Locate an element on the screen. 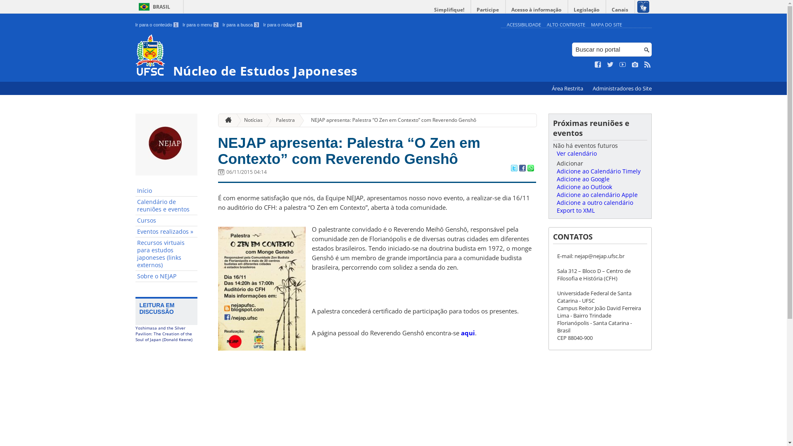 The height and width of the screenshot is (446, 793). 'Ir para o menu 2' is located at coordinates (200, 24).